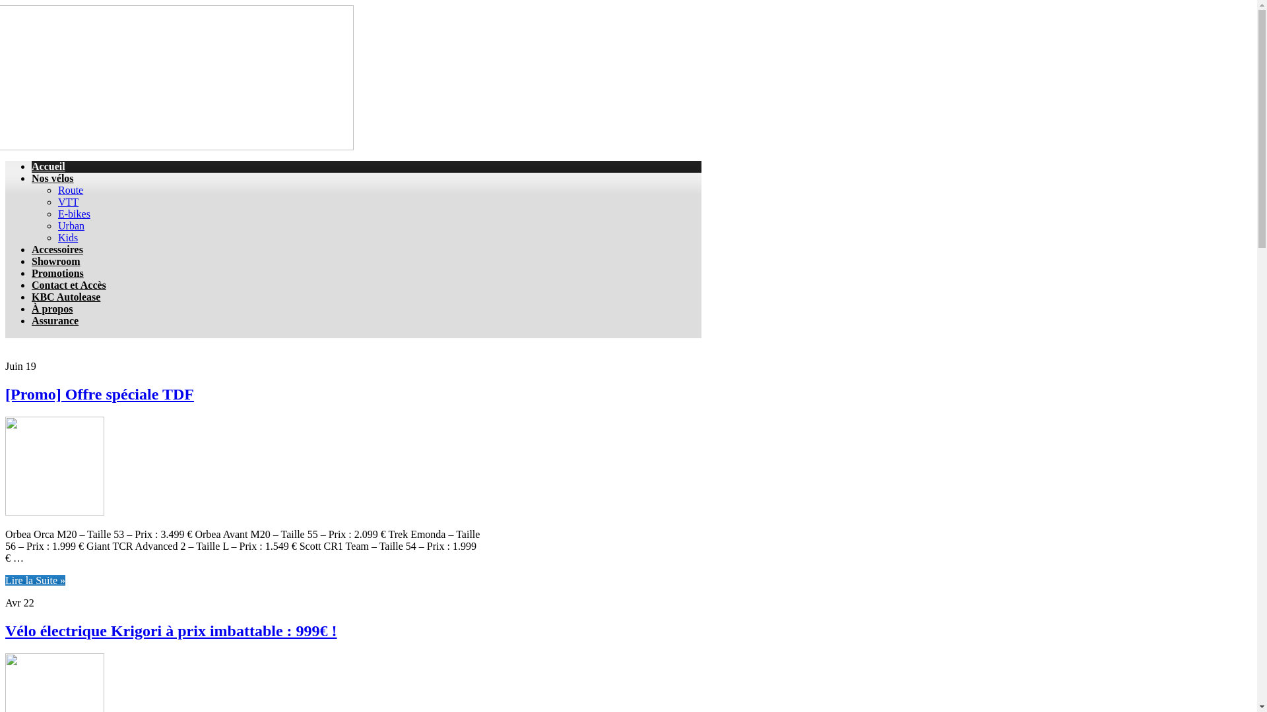  Describe the element at coordinates (54, 320) in the screenshot. I see `'Assurance'` at that location.